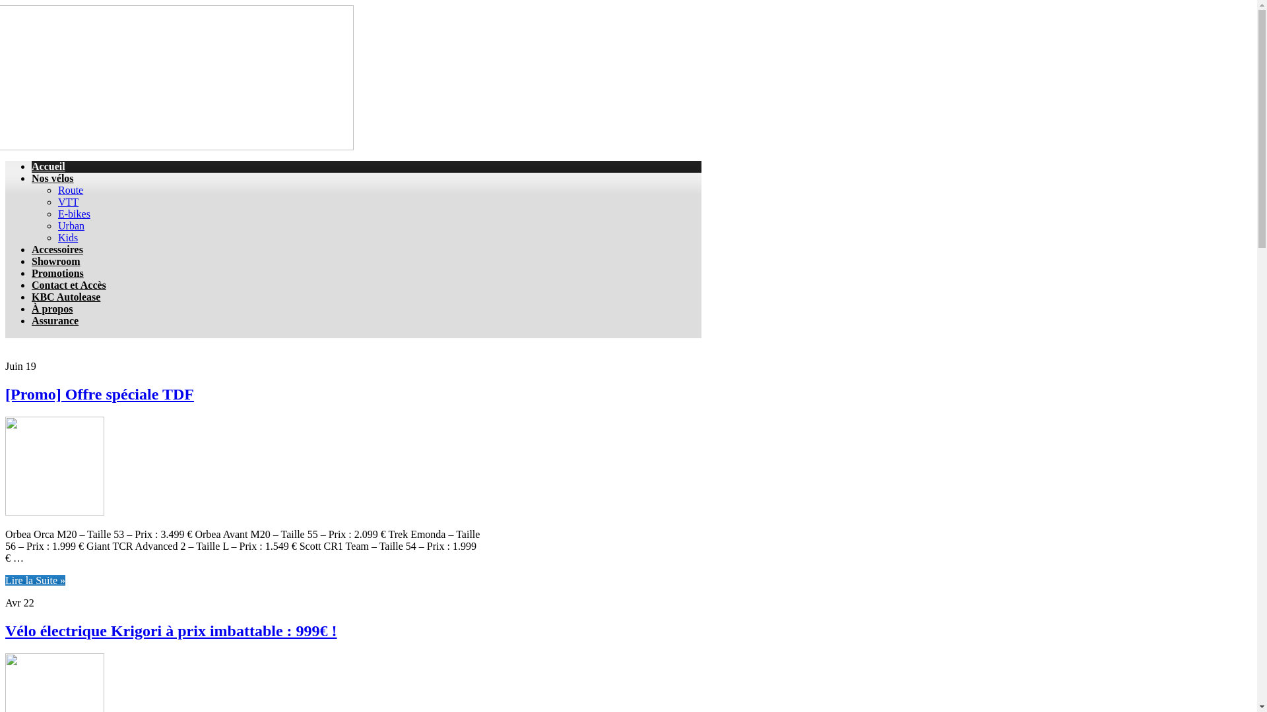  Describe the element at coordinates (54, 320) in the screenshot. I see `'Assurance'` at that location.